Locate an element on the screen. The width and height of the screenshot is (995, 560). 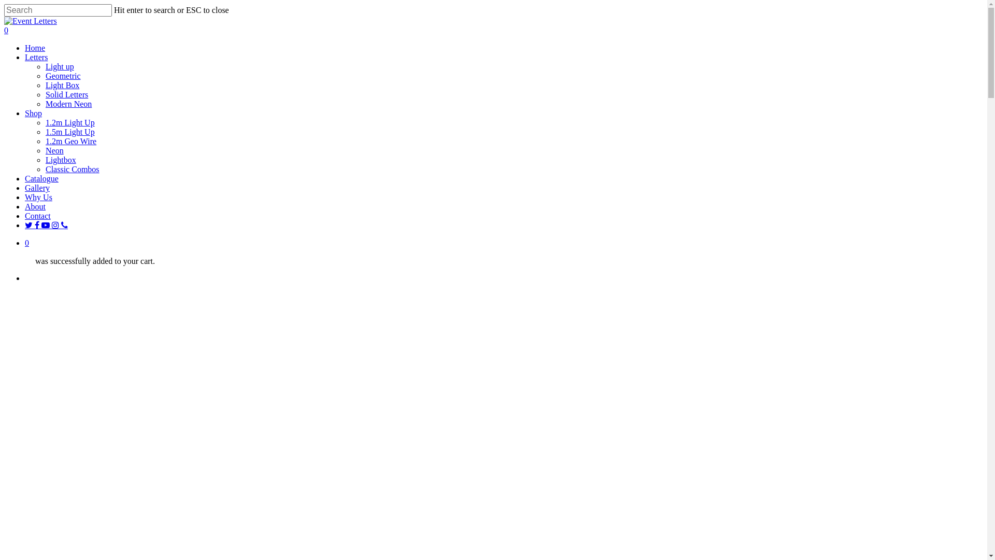
'Lightbox' is located at coordinates (60, 160).